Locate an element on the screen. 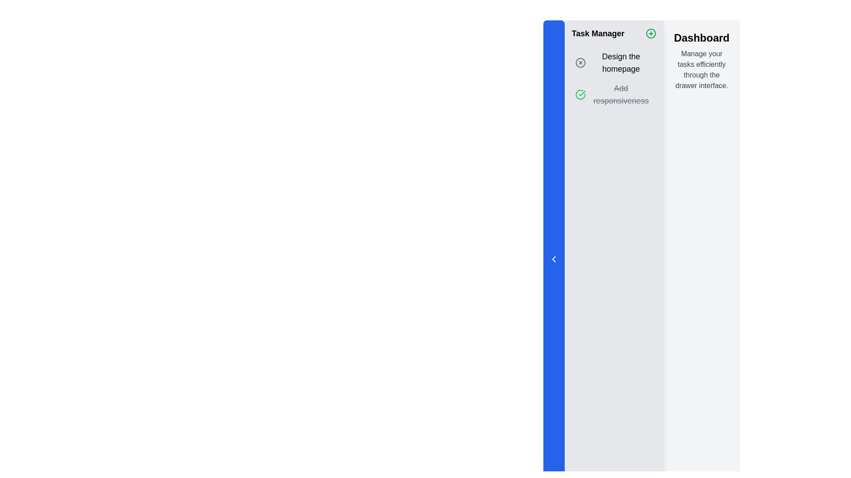  the 'Add Task' button located in the header section of the 'Task Manager' panel, aligned to the right side next to the panel title is located at coordinates (651, 33).